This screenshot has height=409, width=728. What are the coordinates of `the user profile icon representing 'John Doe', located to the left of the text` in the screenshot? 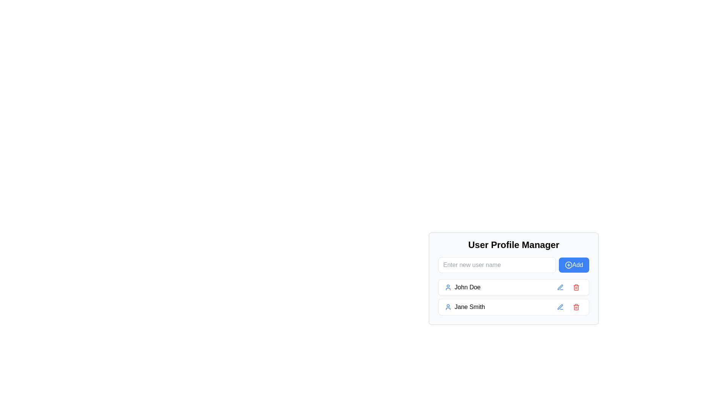 It's located at (448, 287).